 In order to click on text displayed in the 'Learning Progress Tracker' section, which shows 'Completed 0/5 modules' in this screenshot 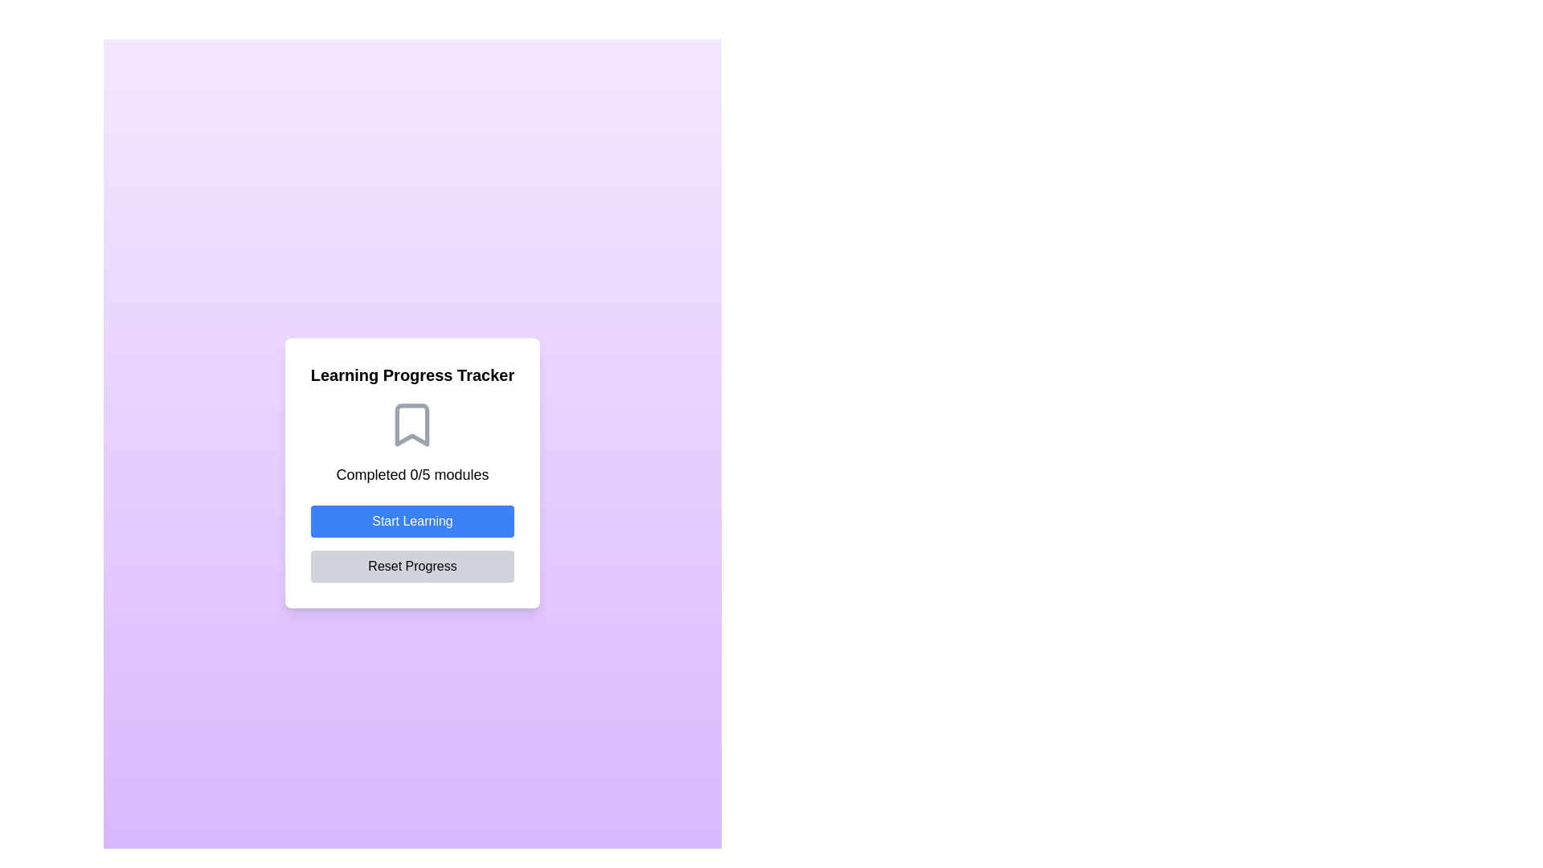, I will do `click(412, 473)`.